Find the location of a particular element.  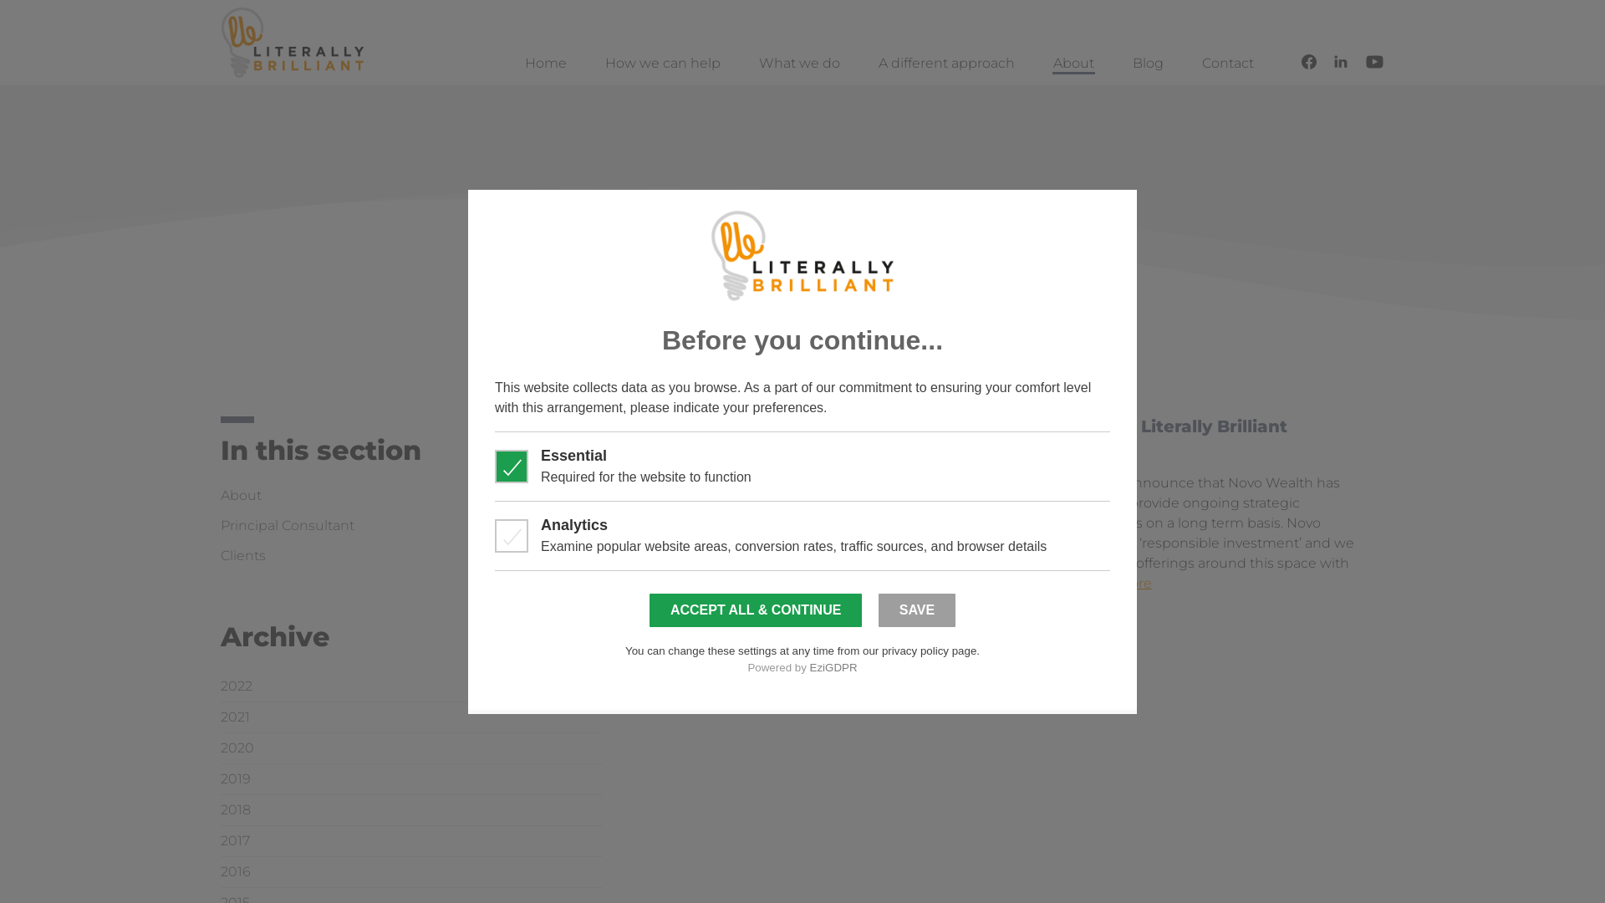

'2022' is located at coordinates (236, 686).